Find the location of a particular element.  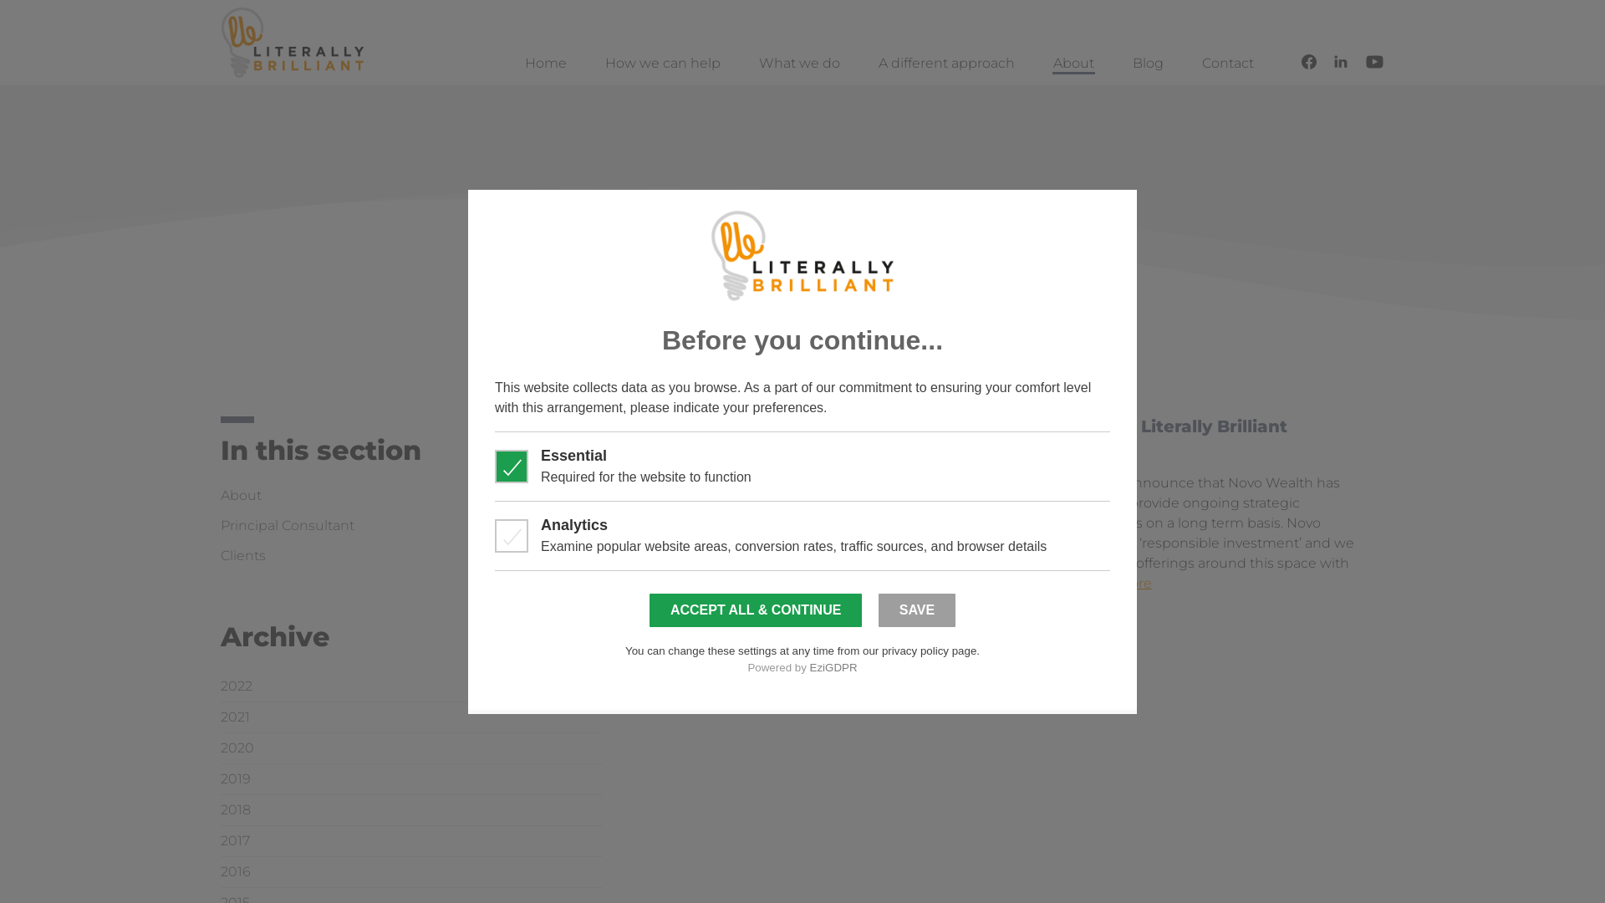

'2022' is located at coordinates (236, 686).